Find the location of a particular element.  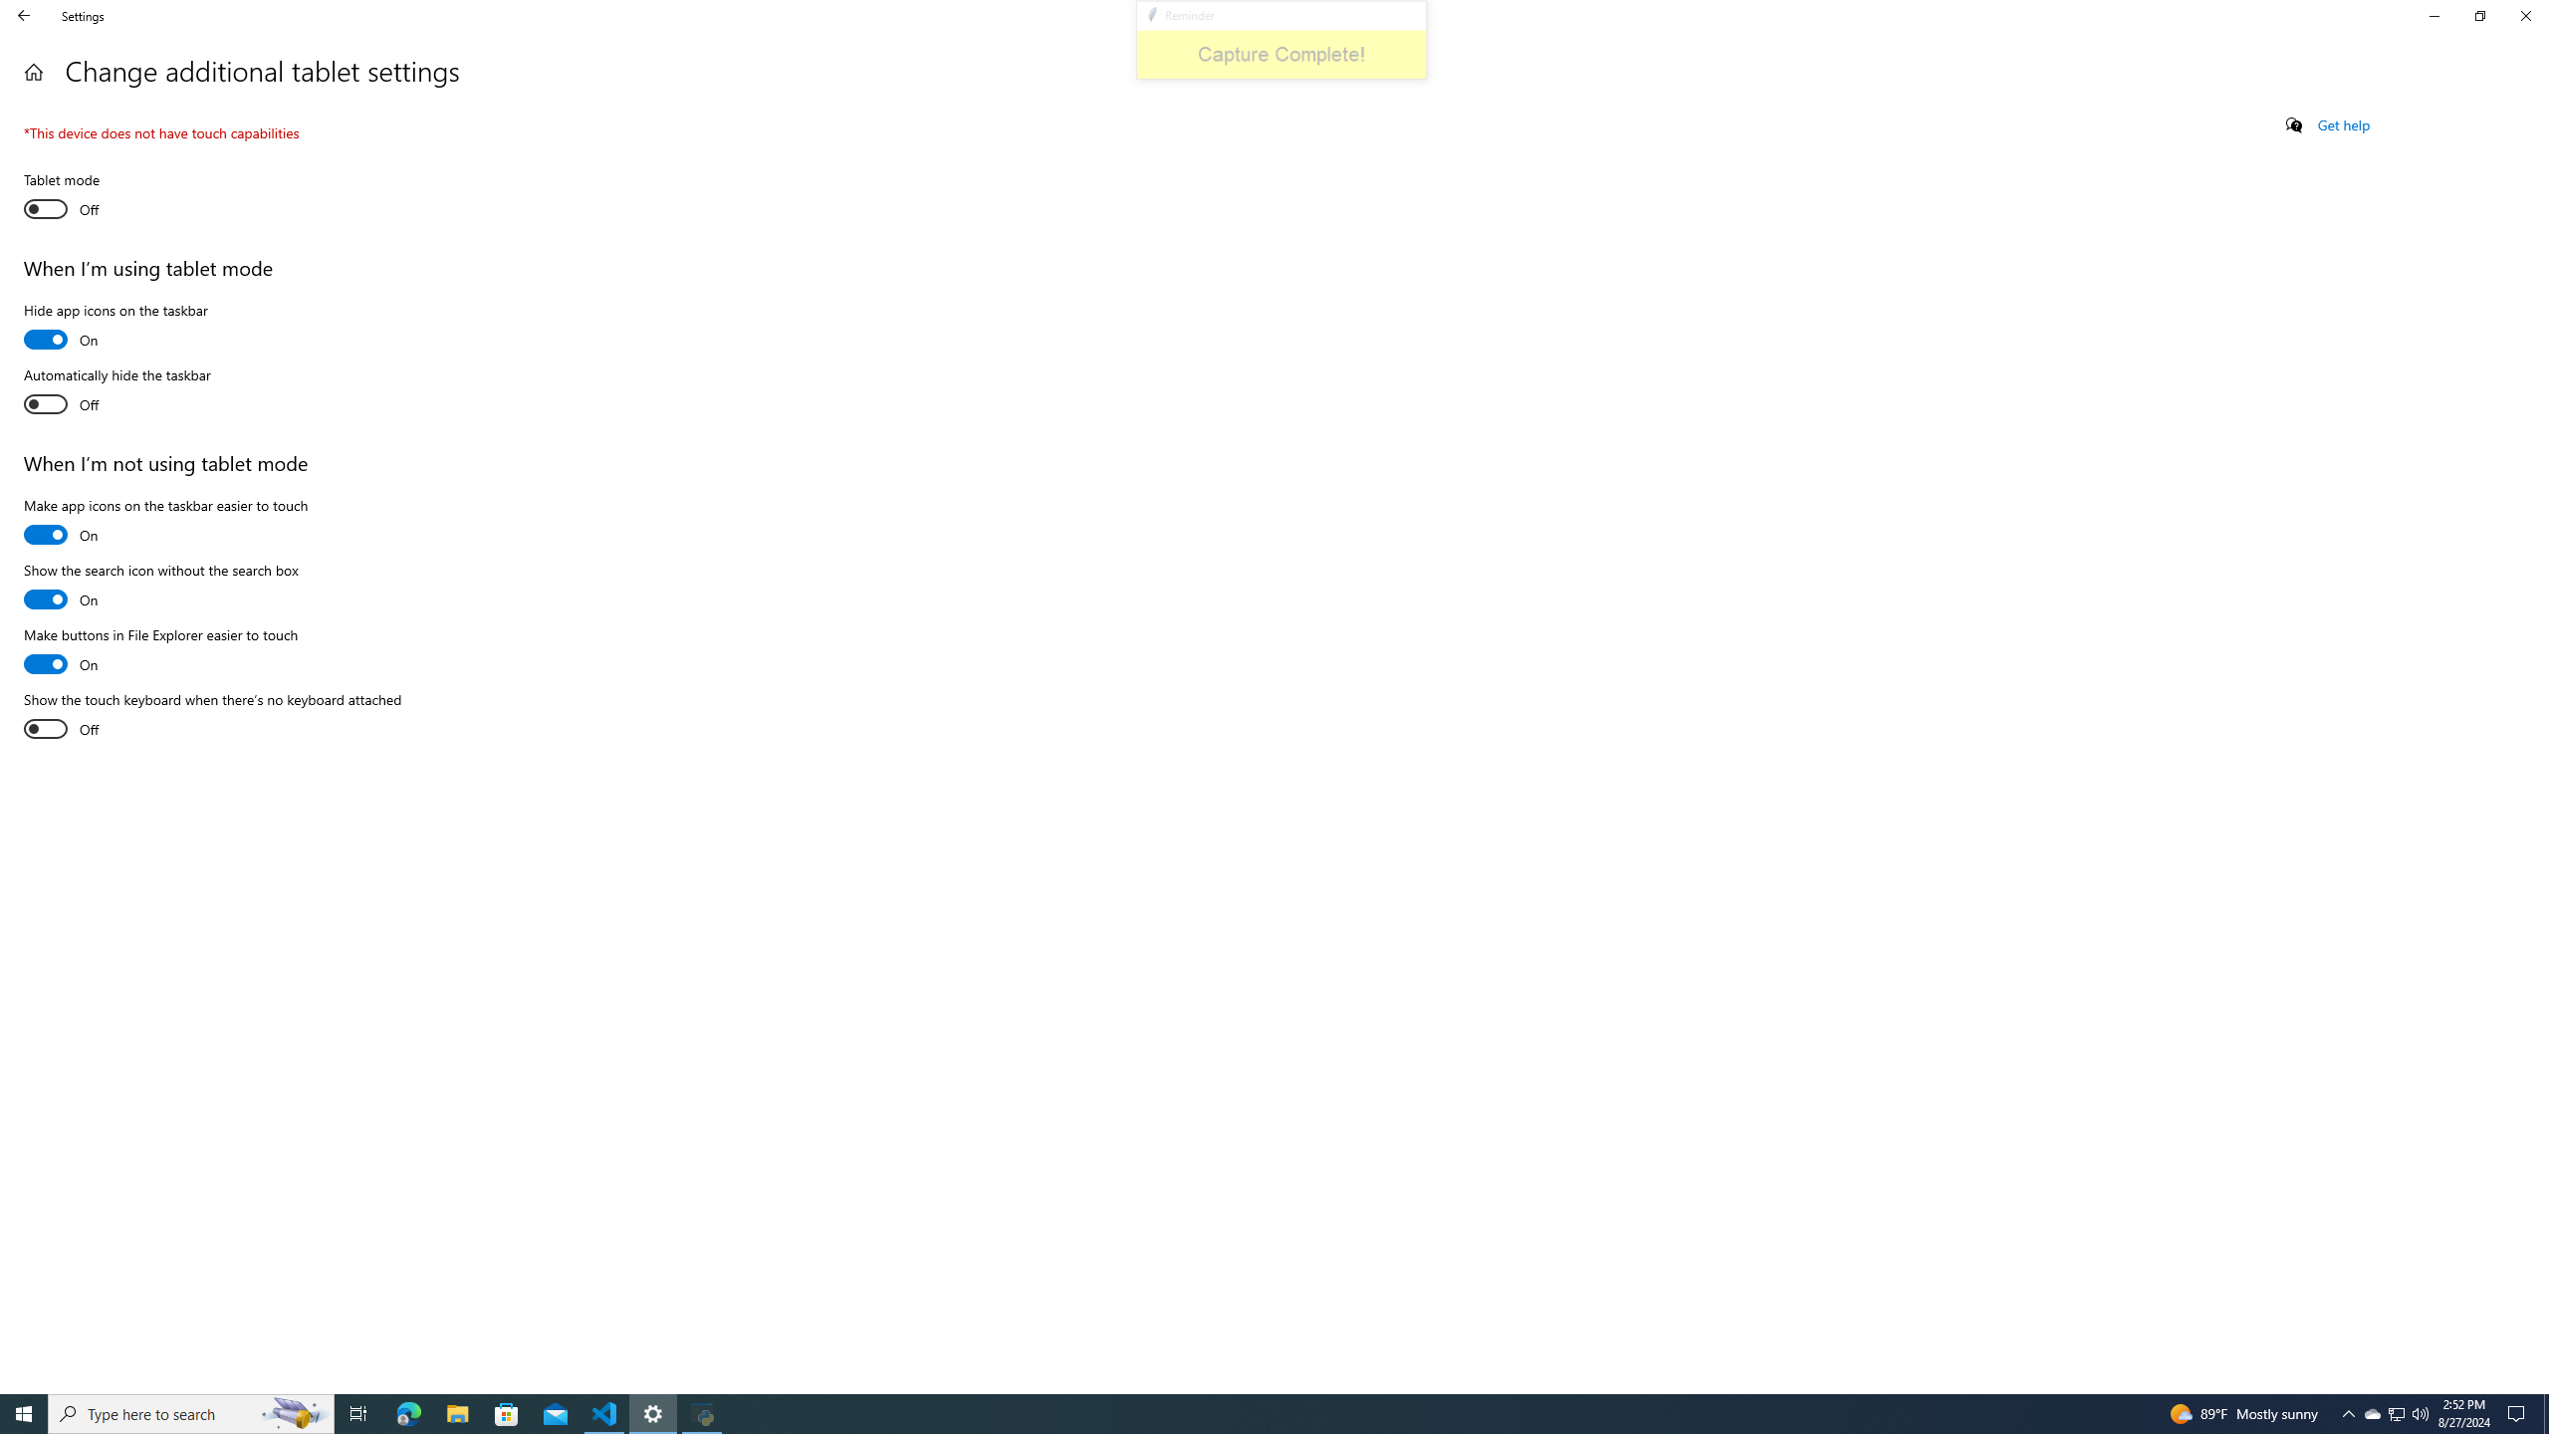

'Settings - 1 running window' is located at coordinates (653, 1412).